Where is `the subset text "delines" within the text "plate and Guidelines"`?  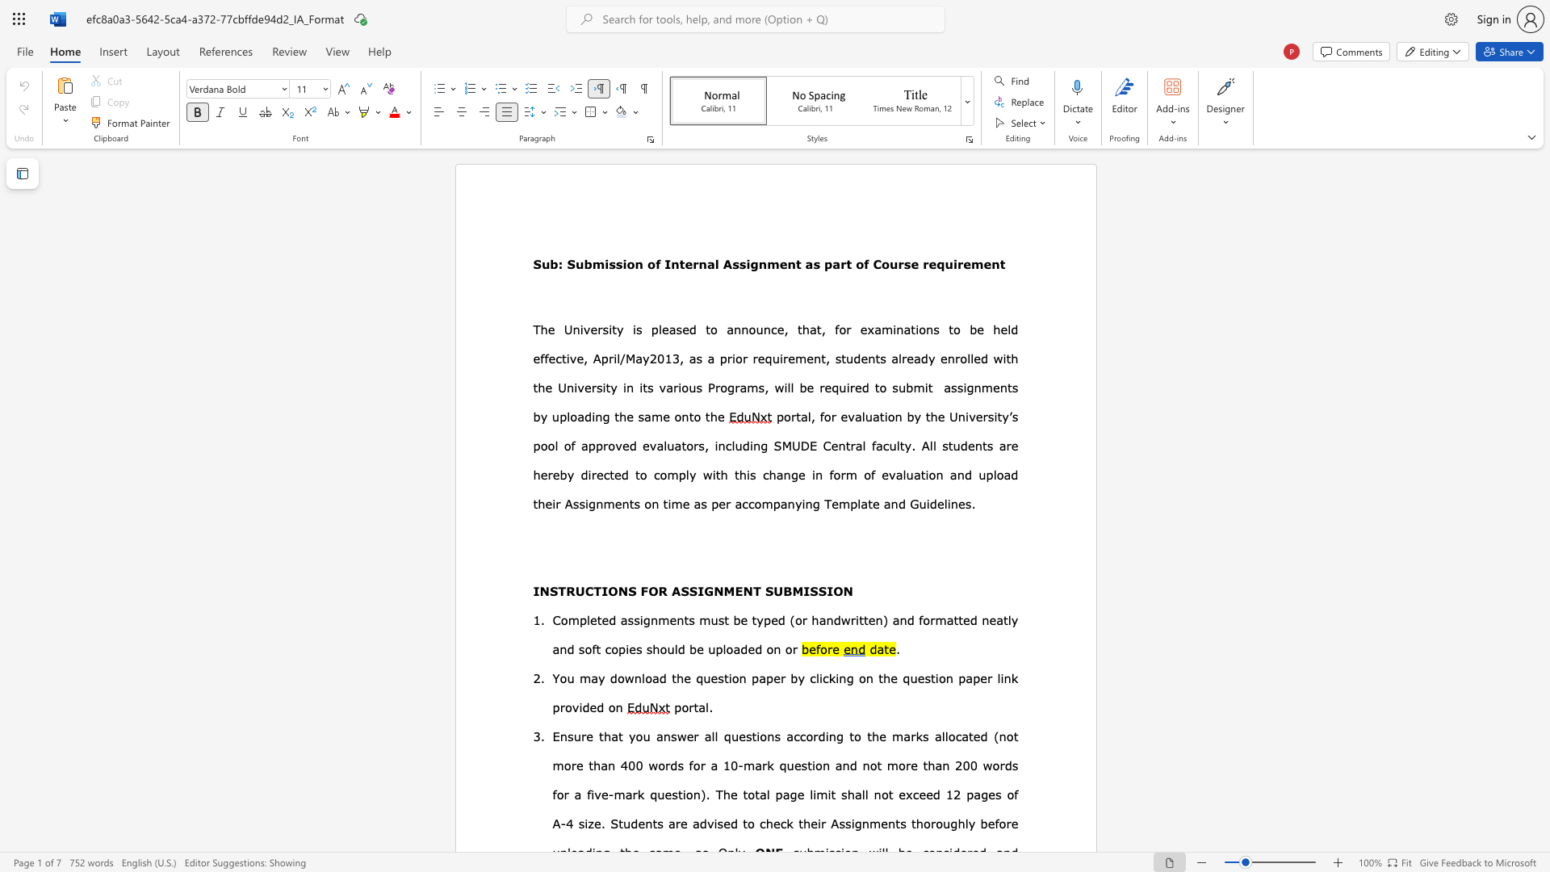 the subset text "delines" within the text "plate and Guidelines" is located at coordinates (929, 503).